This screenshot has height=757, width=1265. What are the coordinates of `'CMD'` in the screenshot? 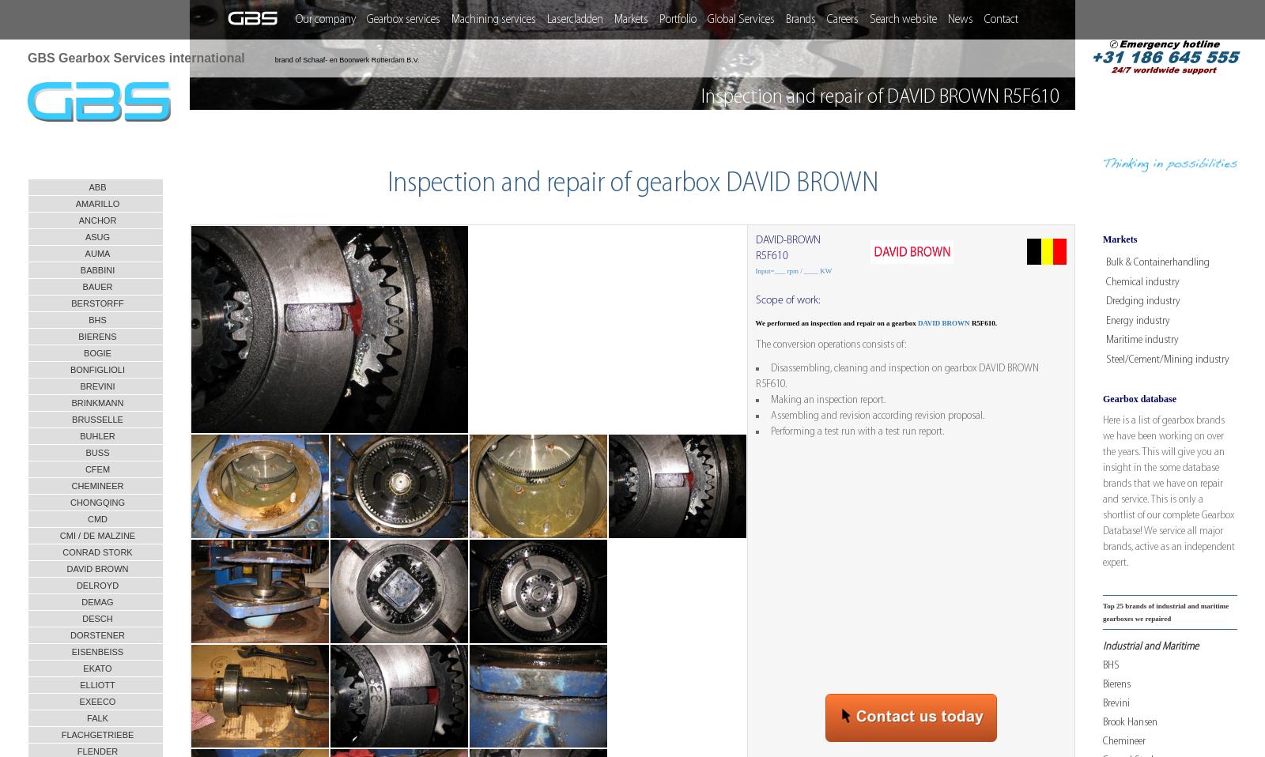 It's located at (96, 518).